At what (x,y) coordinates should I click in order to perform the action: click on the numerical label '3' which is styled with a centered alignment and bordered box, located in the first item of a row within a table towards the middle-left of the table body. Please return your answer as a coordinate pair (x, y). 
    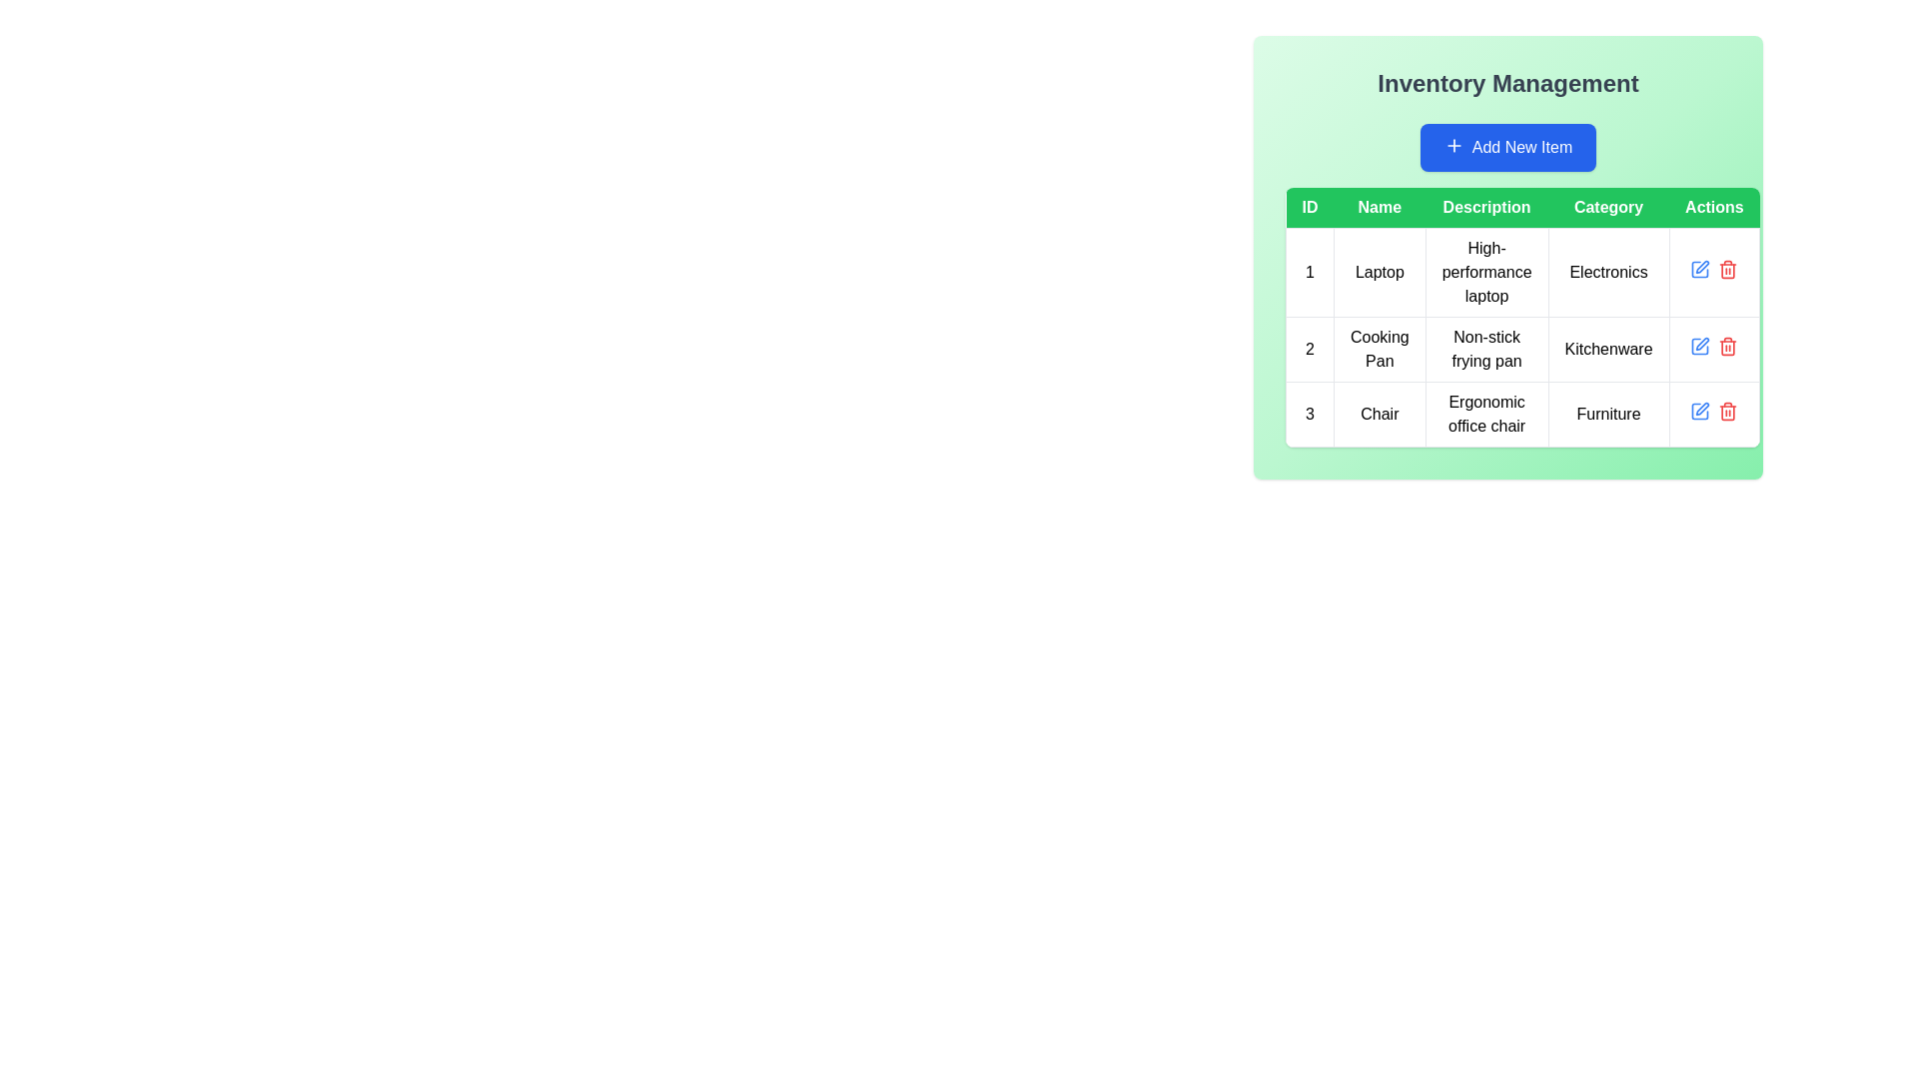
    Looking at the image, I should click on (1310, 414).